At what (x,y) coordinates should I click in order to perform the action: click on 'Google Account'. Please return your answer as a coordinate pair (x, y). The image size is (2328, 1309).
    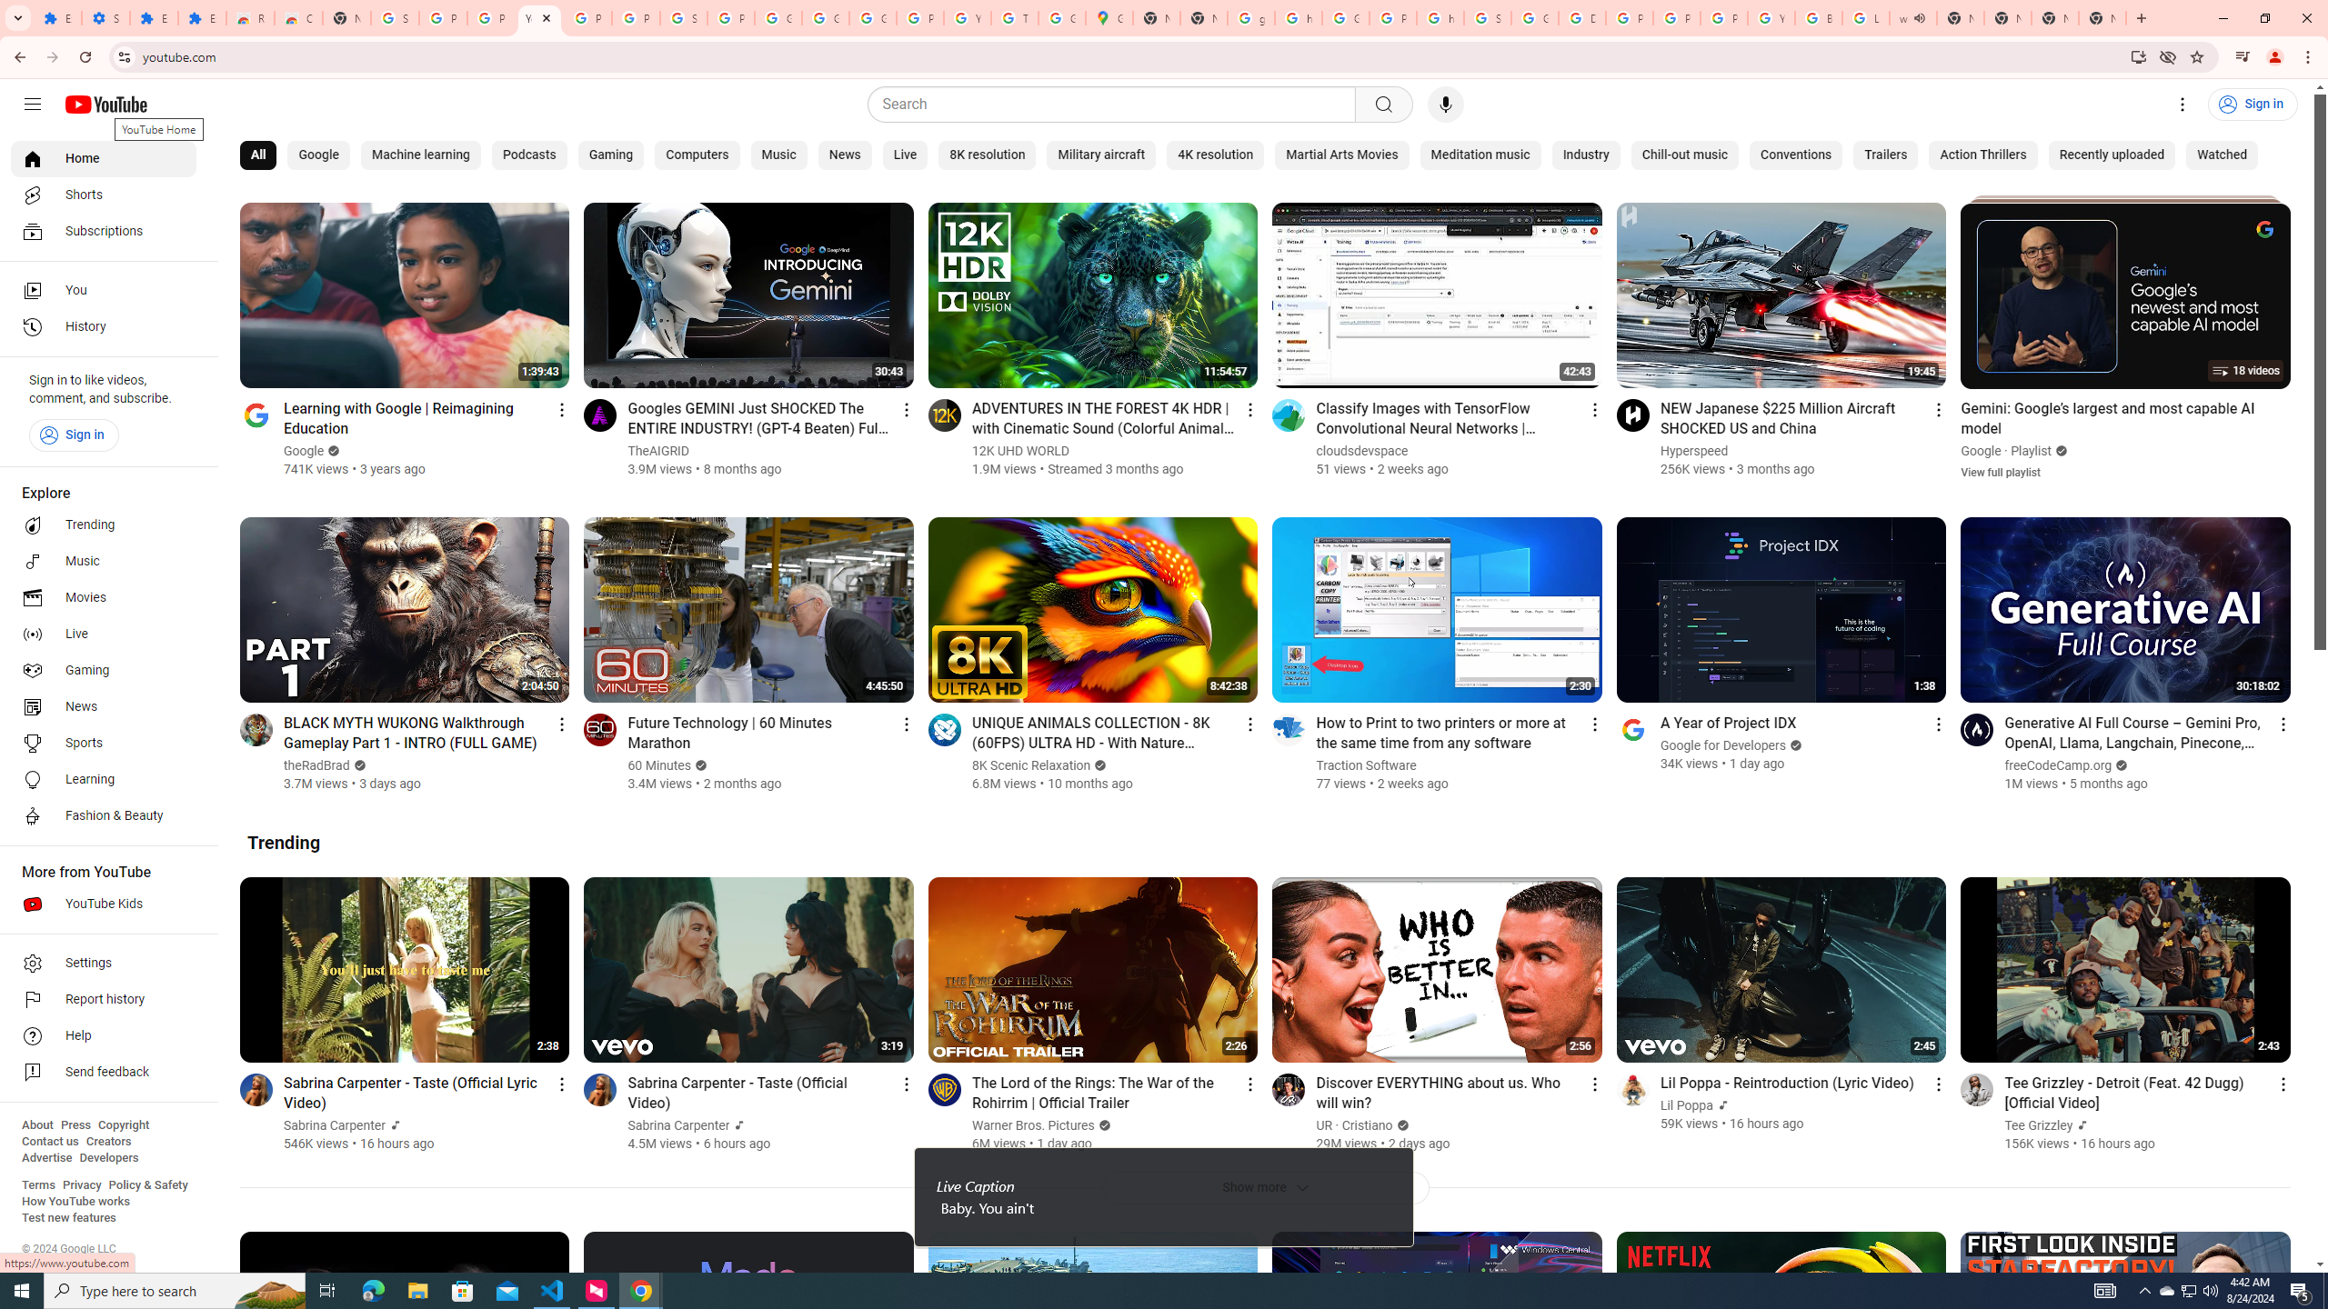
    Looking at the image, I should click on (824, 17).